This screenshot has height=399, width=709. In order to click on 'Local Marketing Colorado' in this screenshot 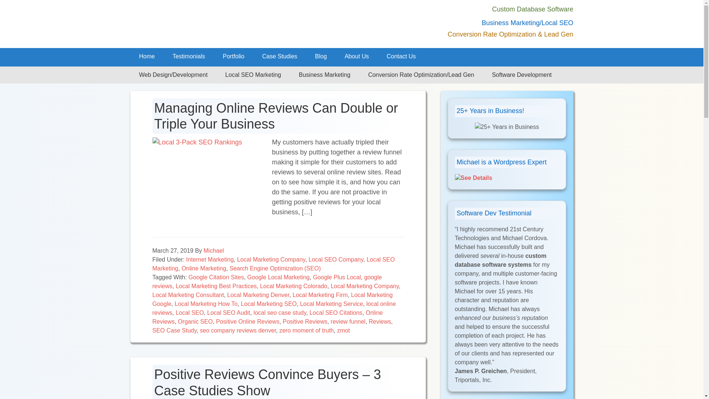, I will do `click(293, 286)`.